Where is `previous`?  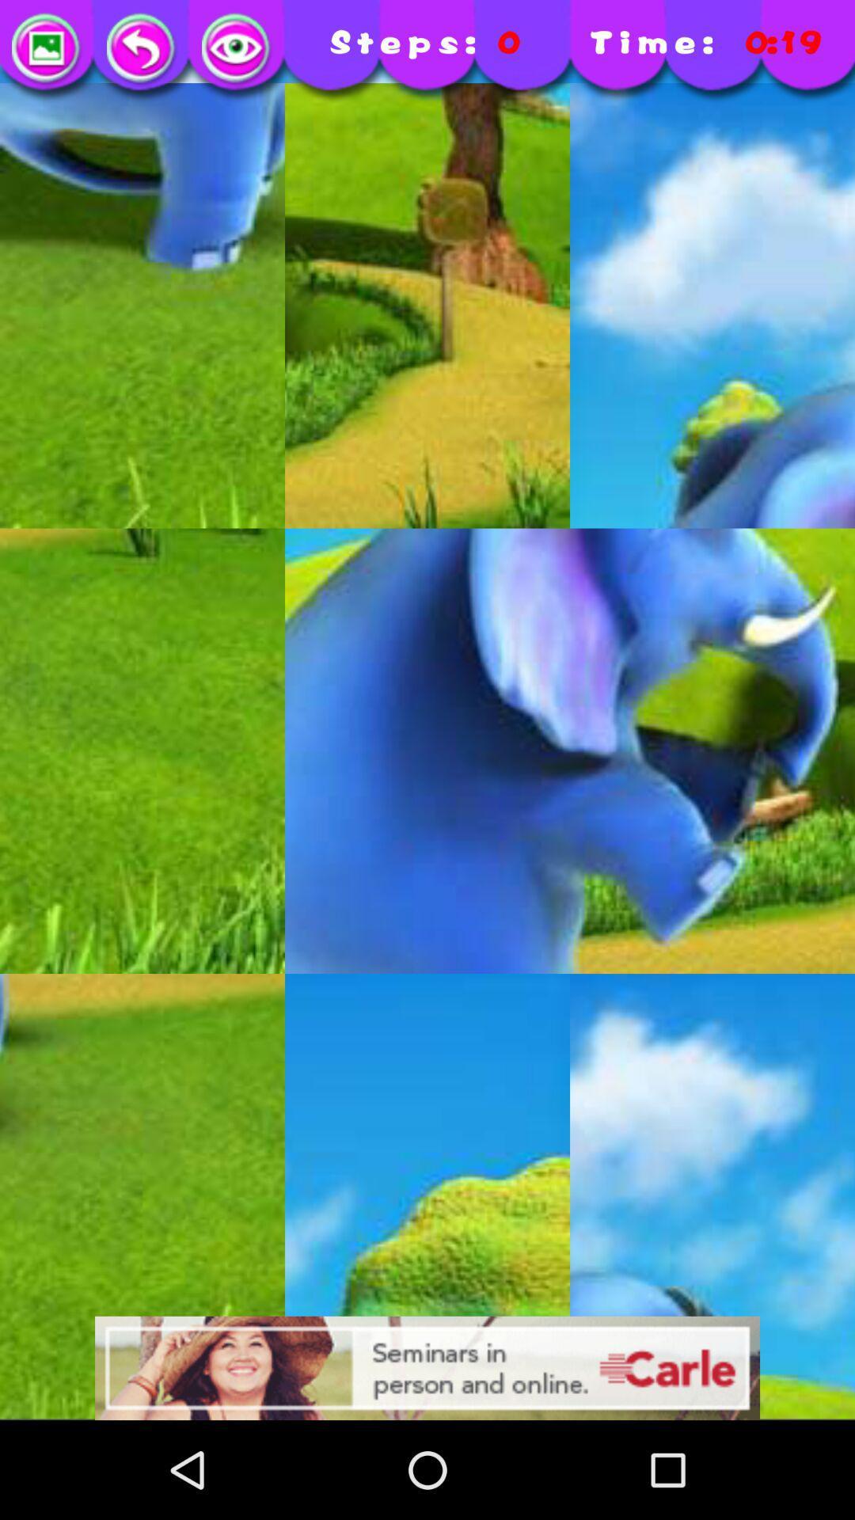
previous is located at coordinates (142, 49).